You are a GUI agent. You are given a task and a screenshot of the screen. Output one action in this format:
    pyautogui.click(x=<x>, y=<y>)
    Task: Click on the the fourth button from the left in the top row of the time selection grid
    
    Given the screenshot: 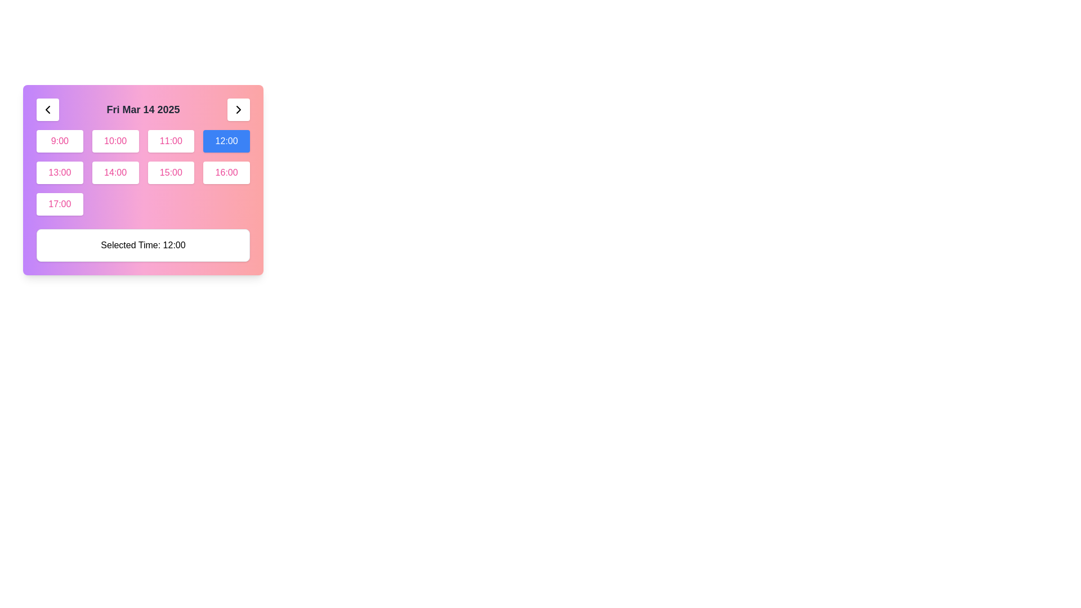 What is the action you would take?
    pyautogui.click(x=226, y=140)
    